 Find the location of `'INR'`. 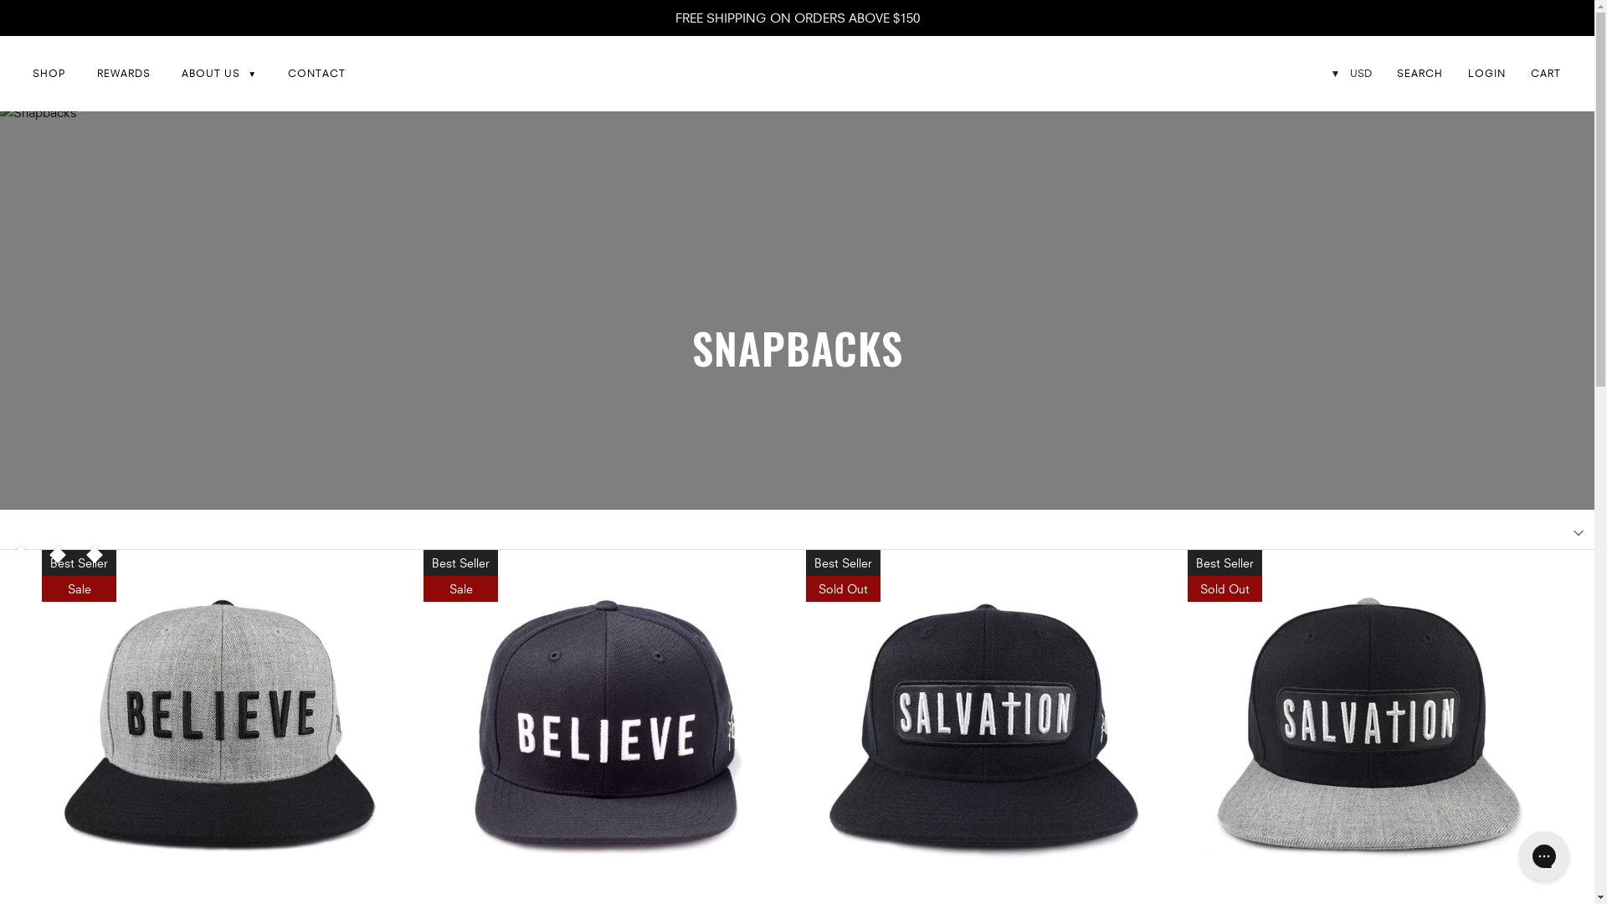

'INR' is located at coordinates (1349, 167).